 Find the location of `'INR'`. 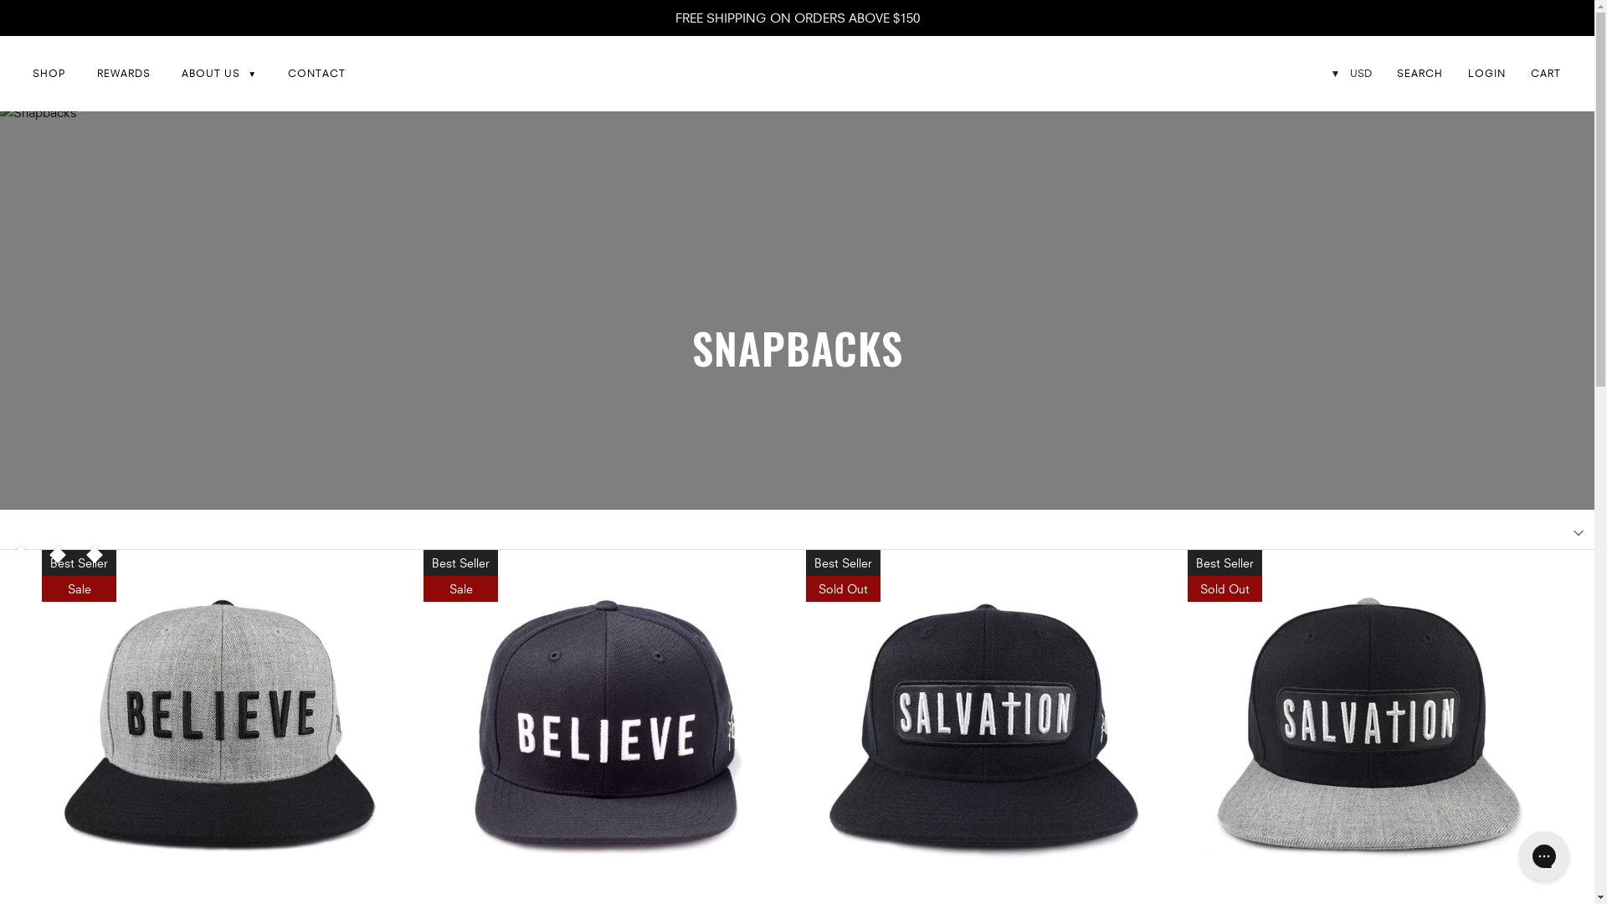

'INR' is located at coordinates (1349, 167).